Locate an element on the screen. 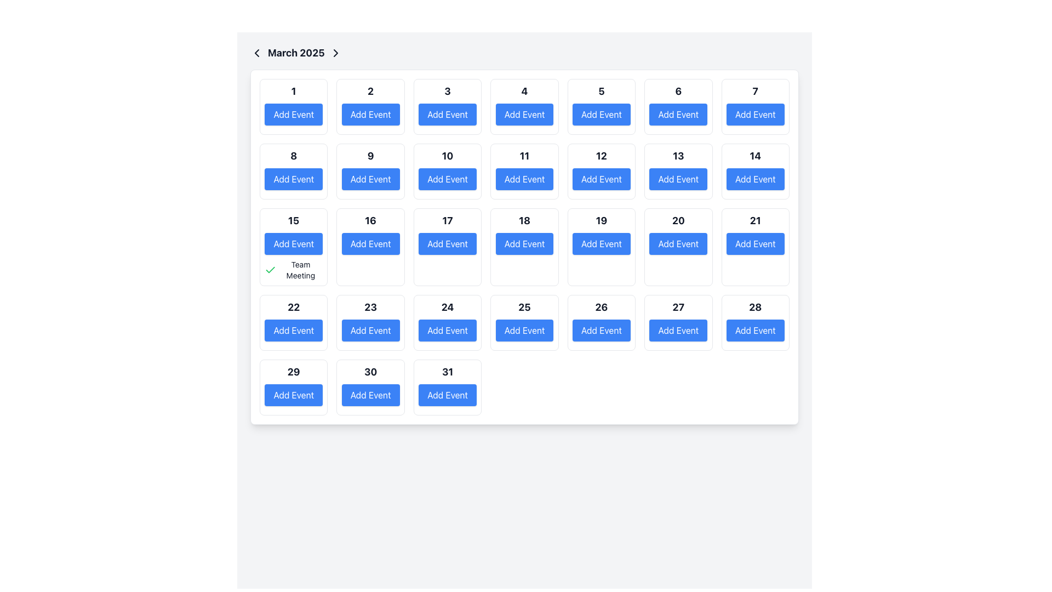  the 'Add Event' button with a blue background and white text, located in the calendar grid cell labeled '19', to trigger the hover effect is located at coordinates (601, 243).